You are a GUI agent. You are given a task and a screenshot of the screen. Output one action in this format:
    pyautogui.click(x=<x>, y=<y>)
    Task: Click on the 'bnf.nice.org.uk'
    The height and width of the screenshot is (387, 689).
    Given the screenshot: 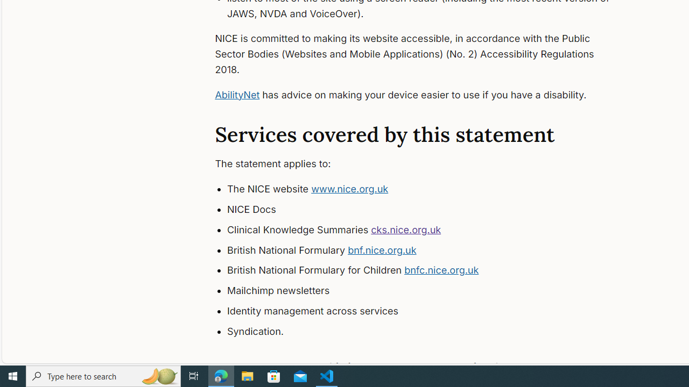 What is the action you would take?
    pyautogui.click(x=382, y=250)
    